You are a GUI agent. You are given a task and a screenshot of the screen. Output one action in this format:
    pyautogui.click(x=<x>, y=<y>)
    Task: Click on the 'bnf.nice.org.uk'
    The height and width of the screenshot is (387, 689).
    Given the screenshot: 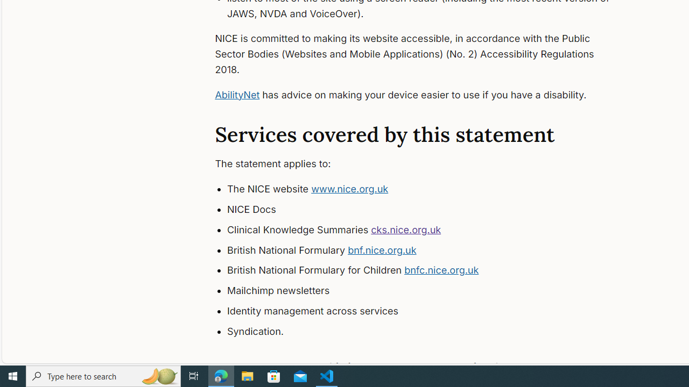 What is the action you would take?
    pyautogui.click(x=382, y=250)
    